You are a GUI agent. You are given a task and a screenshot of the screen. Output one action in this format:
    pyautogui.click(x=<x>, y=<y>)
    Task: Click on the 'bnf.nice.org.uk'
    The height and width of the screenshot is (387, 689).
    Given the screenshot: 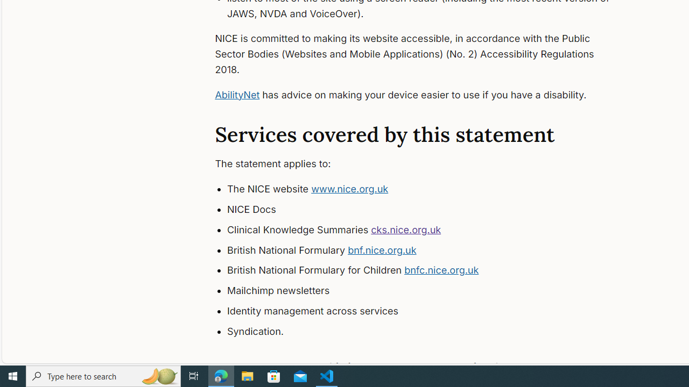 What is the action you would take?
    pyautogui.click(x=382, y=250)
    